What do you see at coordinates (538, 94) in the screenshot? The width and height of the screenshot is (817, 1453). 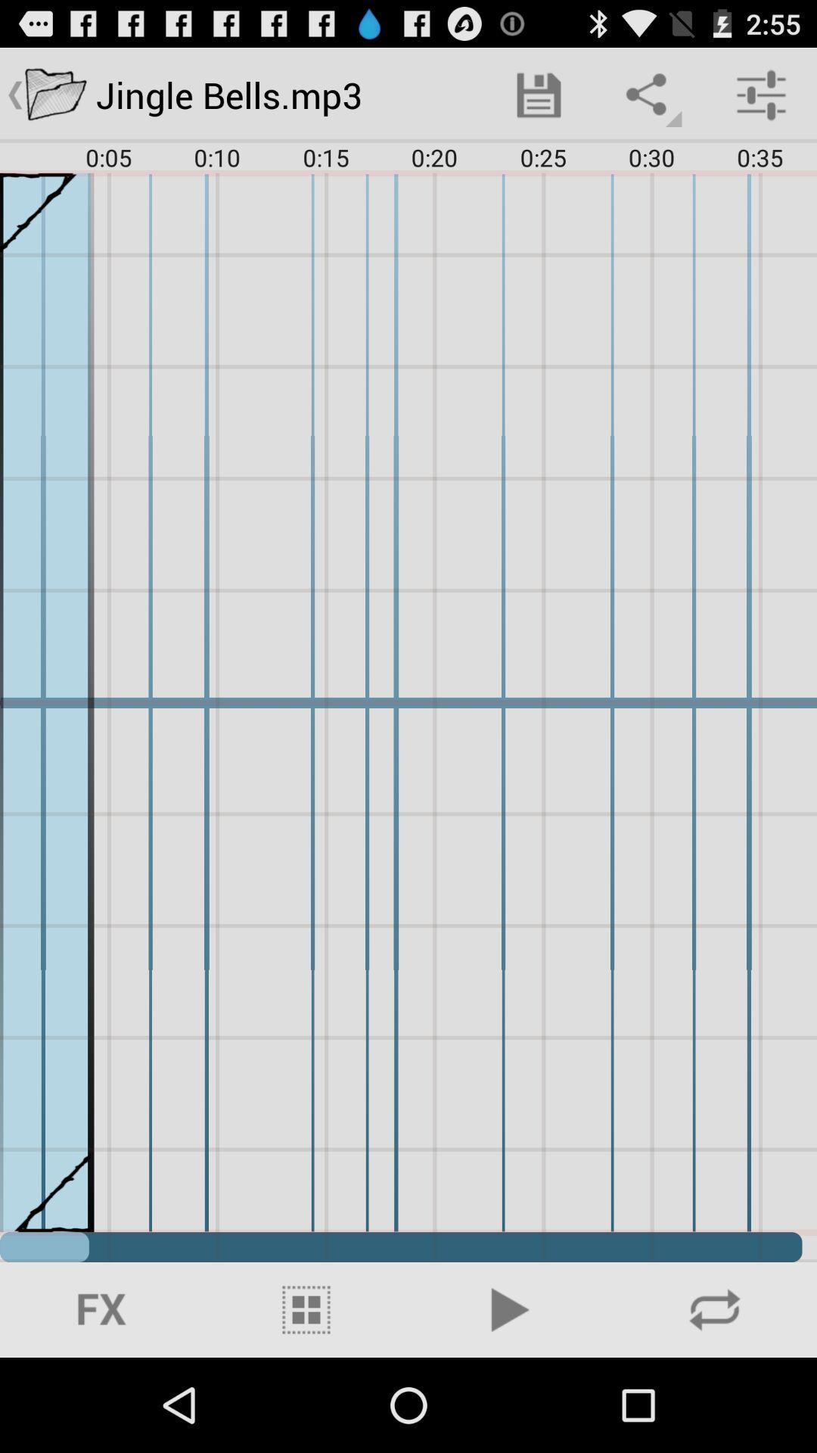 I see `item at the top` at bounding box center [538, 94].